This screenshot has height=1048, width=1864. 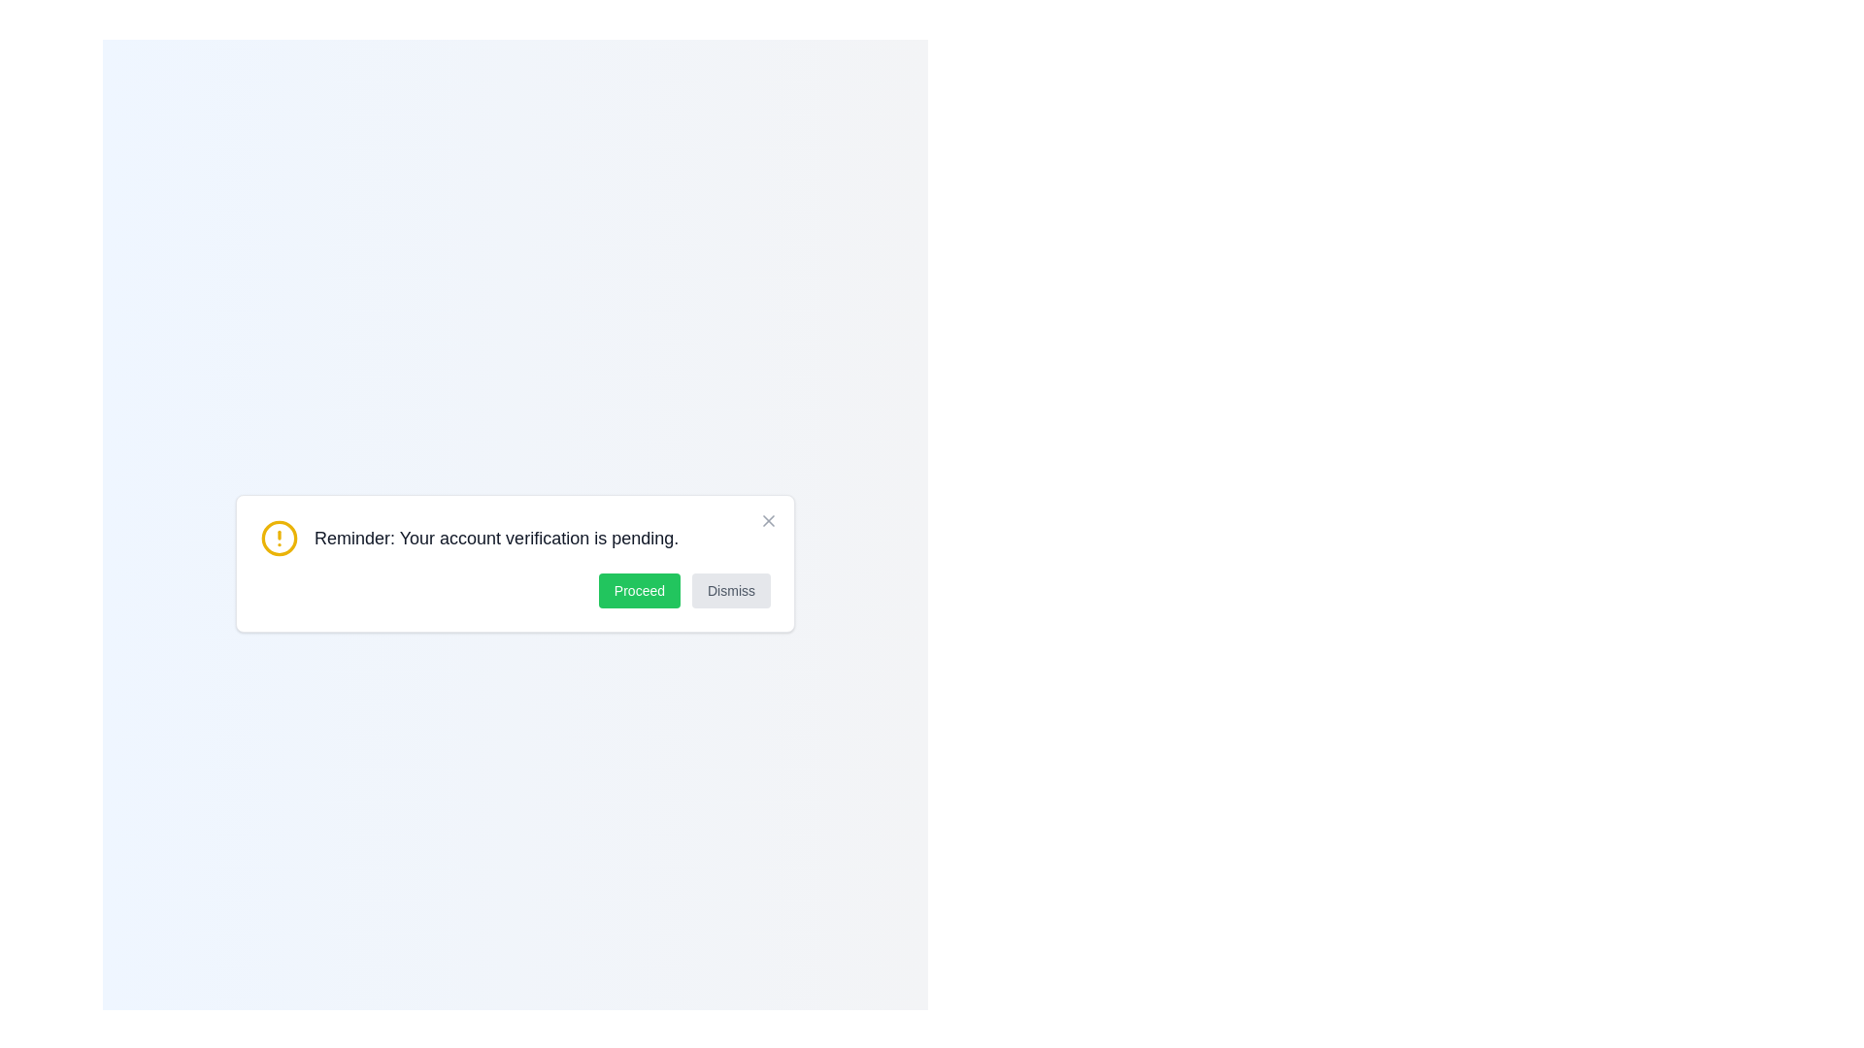 I want to click on text element that informs the user about a pending account verification, located centrally within the notification box to the right of a circular yellow icon with an alert symbol, so click(x=496, y=539).